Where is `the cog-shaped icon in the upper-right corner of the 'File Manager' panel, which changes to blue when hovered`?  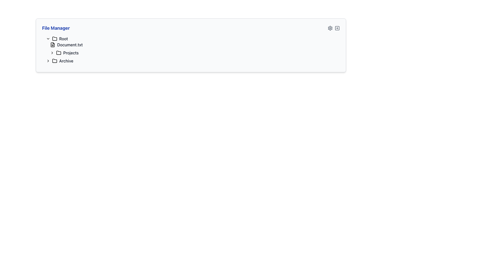
the cog-shaped icon in the upper-right corner of the 'File Manager' panel, which changes to blue when hovered is located at coordinates (330, 28).